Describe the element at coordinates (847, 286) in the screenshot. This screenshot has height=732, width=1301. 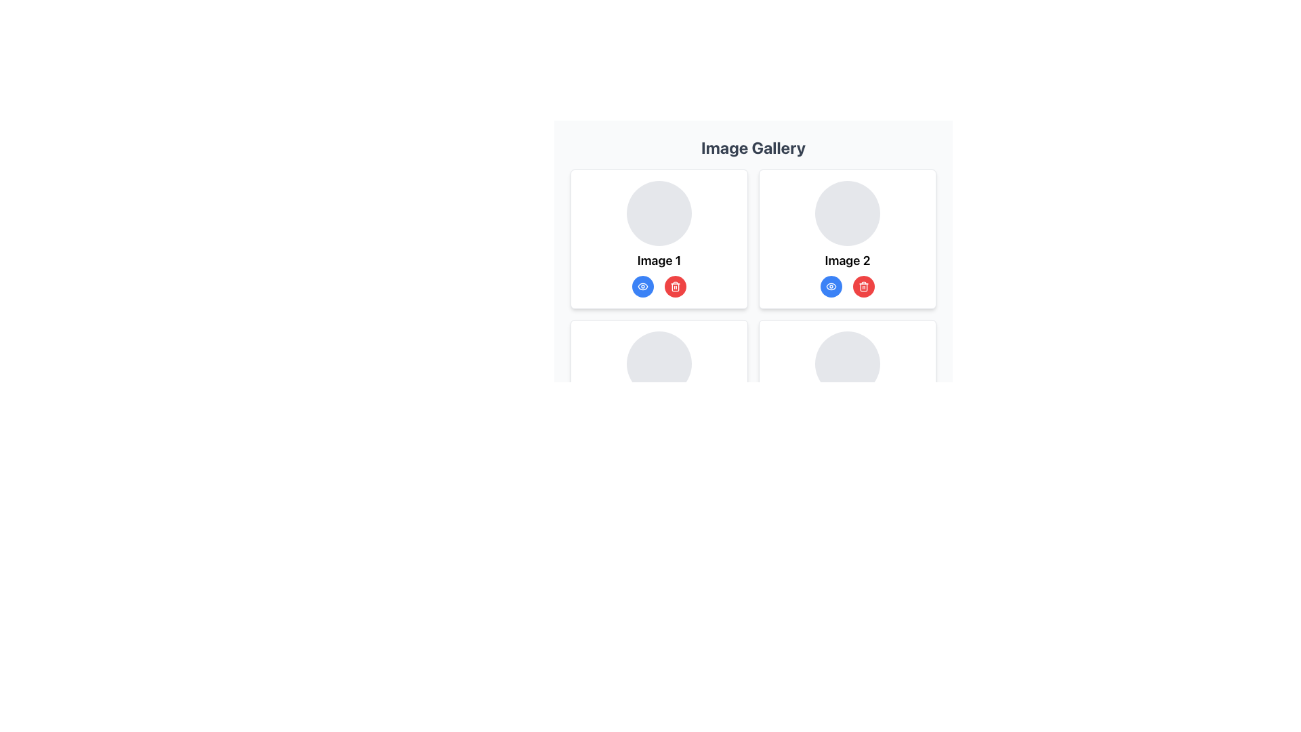
I see `the Component Group containing the blue eye button and the red trash button located beneath 'Image 2' in the card layout` at that location.